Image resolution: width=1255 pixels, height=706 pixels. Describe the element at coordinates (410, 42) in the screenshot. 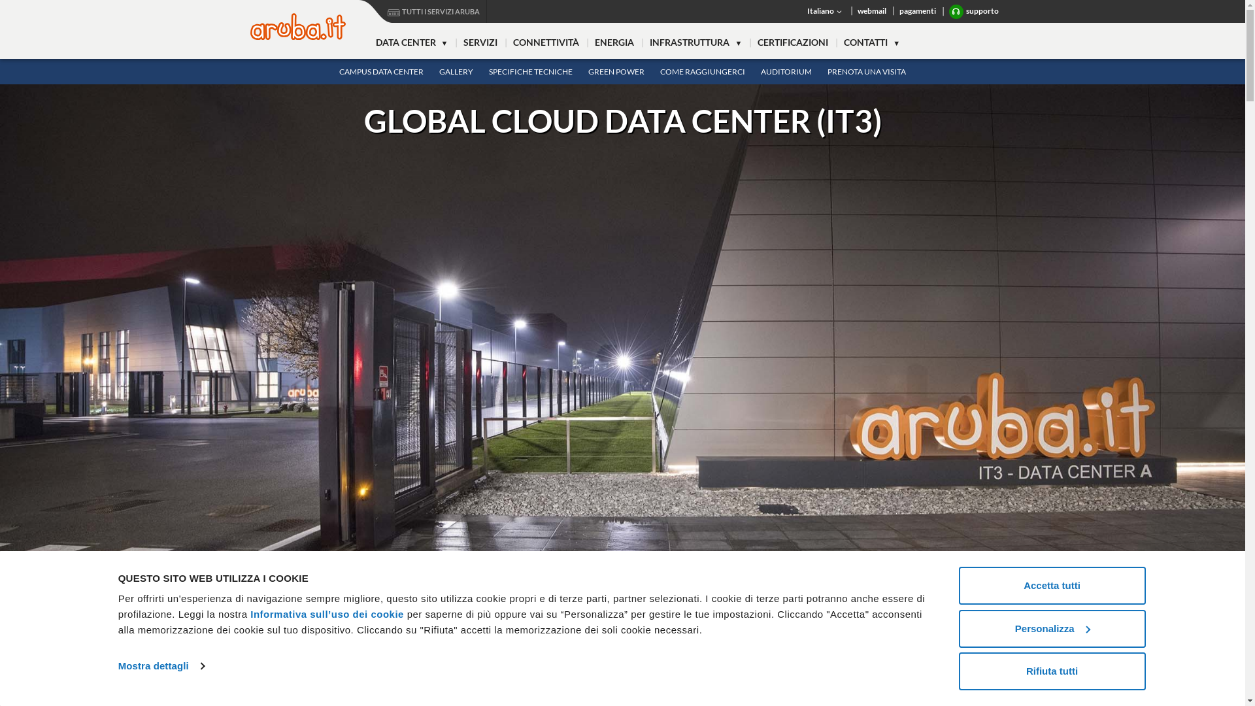

I see `'DATA CENTER'` at that location.